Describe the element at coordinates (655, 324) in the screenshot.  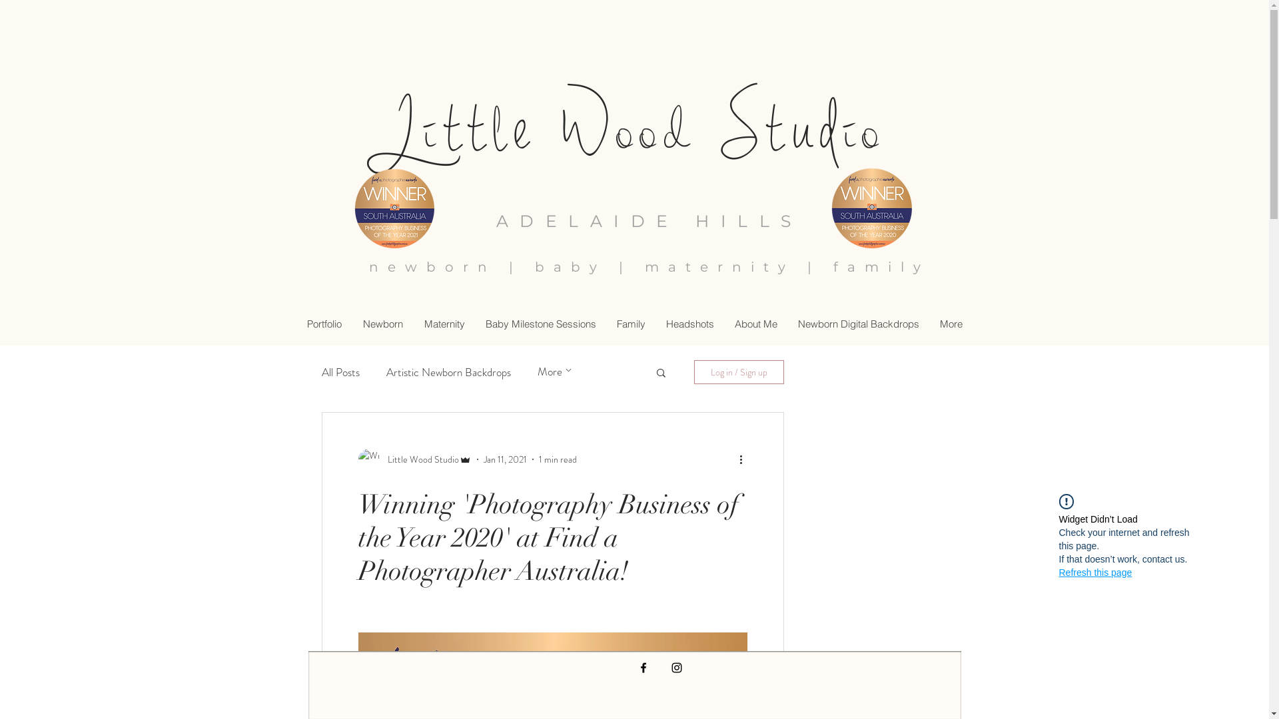
I see `'Headshots'` at that location.